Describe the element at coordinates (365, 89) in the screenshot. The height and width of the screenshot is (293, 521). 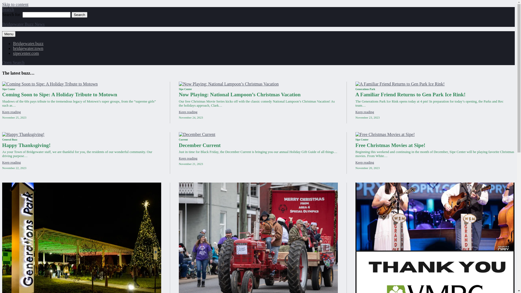
I see `'Generations Park'` at that location.